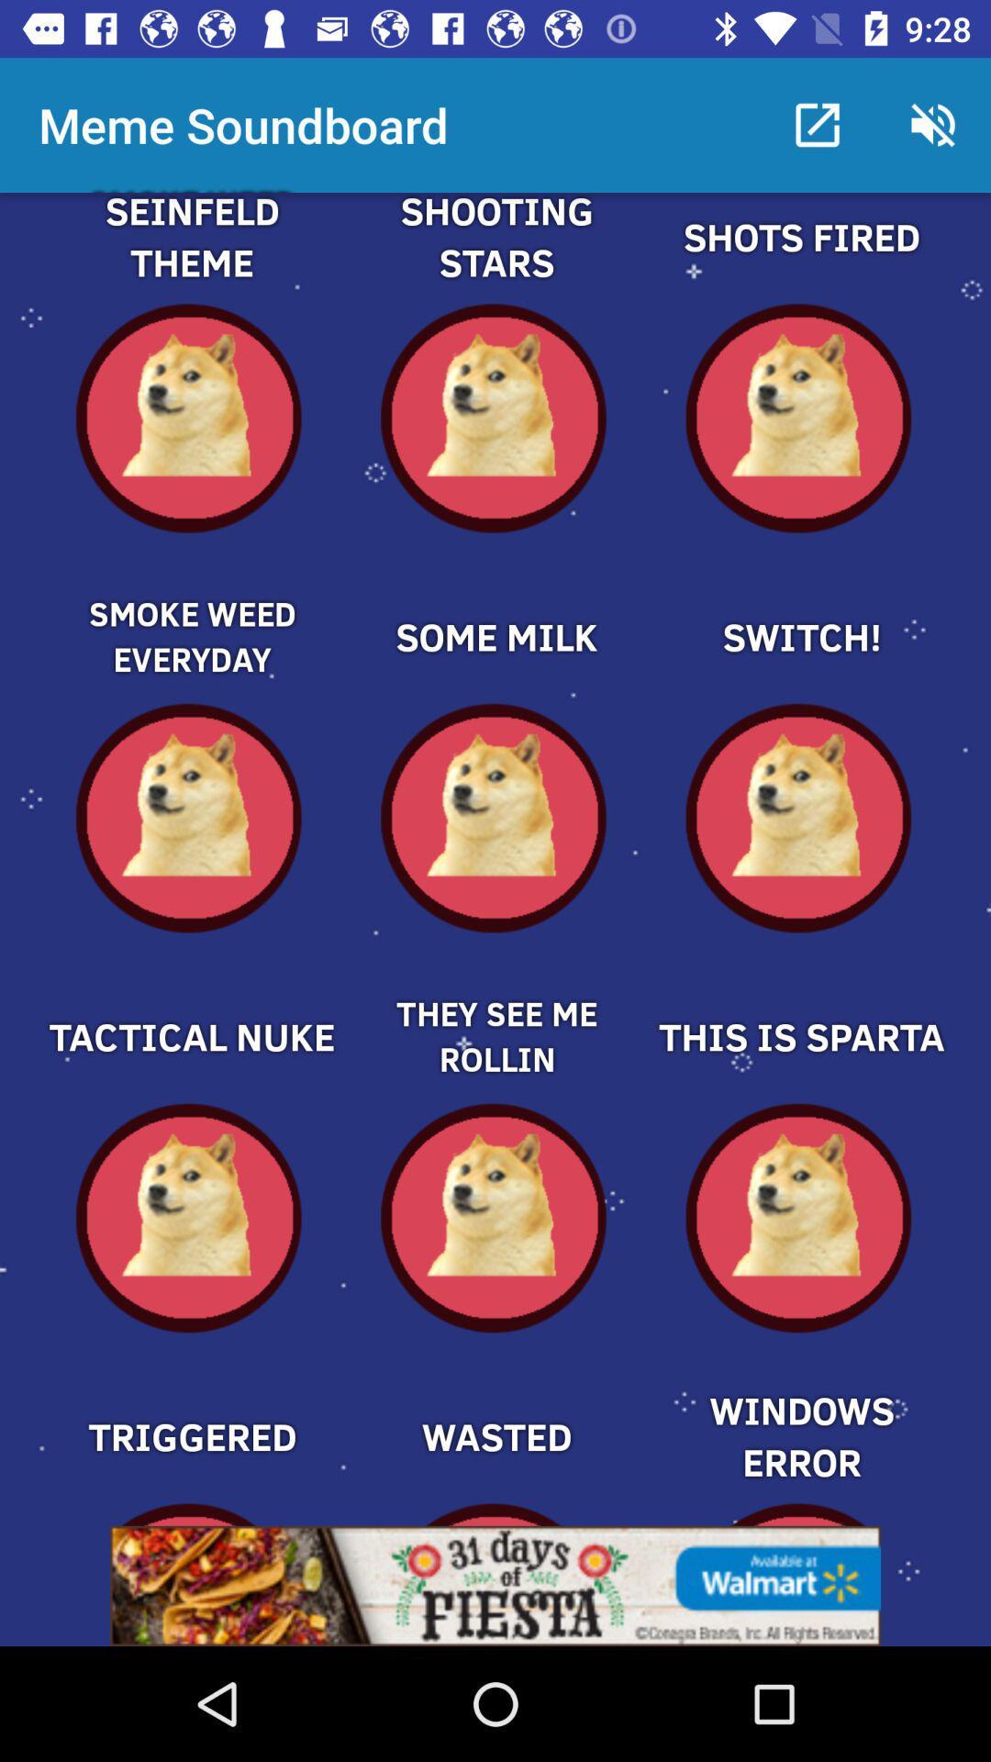  What do you see at coordinates (190, 258) in the screenshot?
I see `one part of theme` at bounding box center [190, 258].